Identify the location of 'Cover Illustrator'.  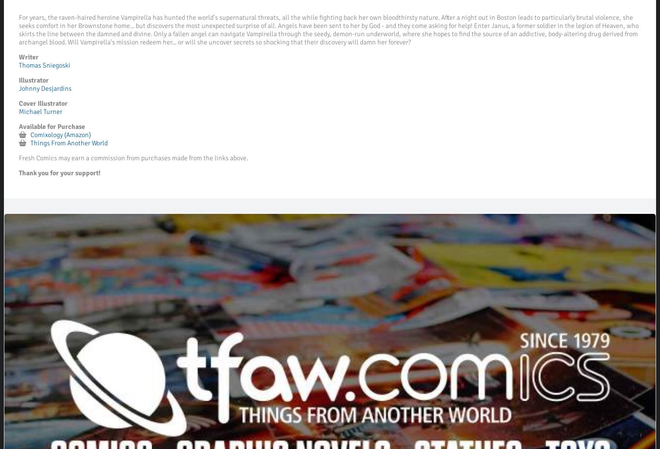
(43, 103).